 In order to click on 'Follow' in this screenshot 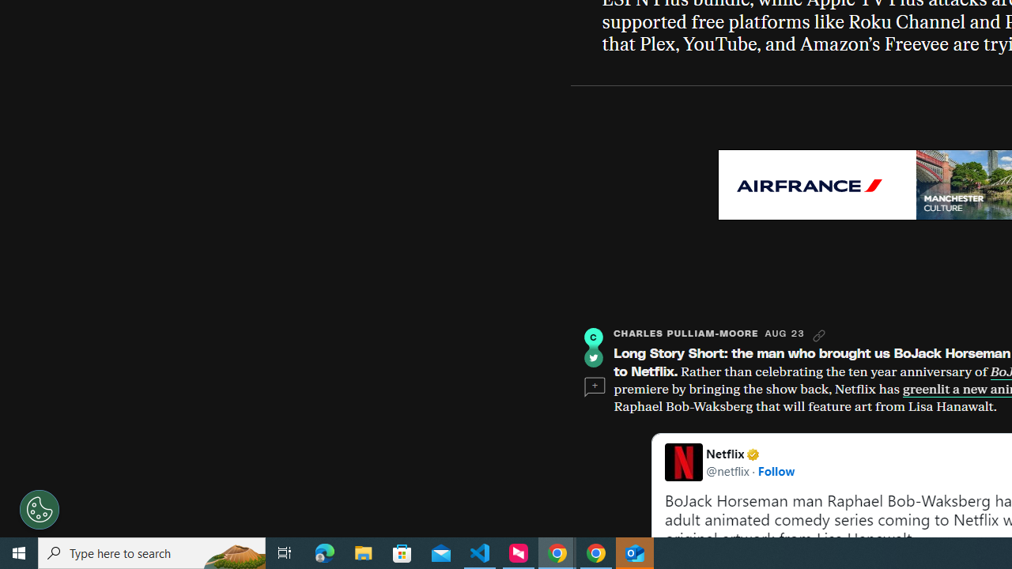, I will do `click(776, 469)`.